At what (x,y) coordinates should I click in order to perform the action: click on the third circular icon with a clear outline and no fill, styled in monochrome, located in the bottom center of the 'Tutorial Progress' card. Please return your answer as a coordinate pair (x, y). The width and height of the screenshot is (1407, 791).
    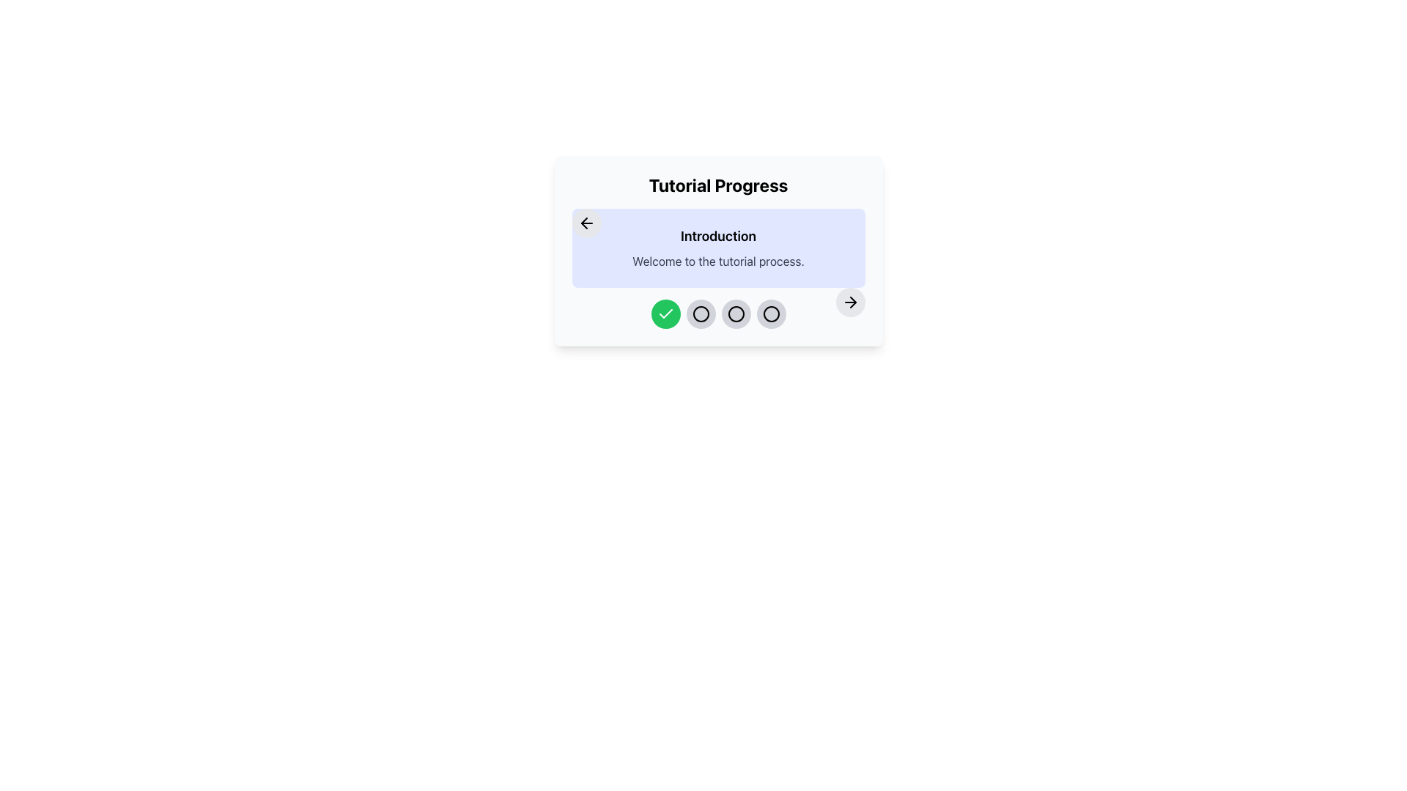
    Looking at the image, I should click on (736, 313).